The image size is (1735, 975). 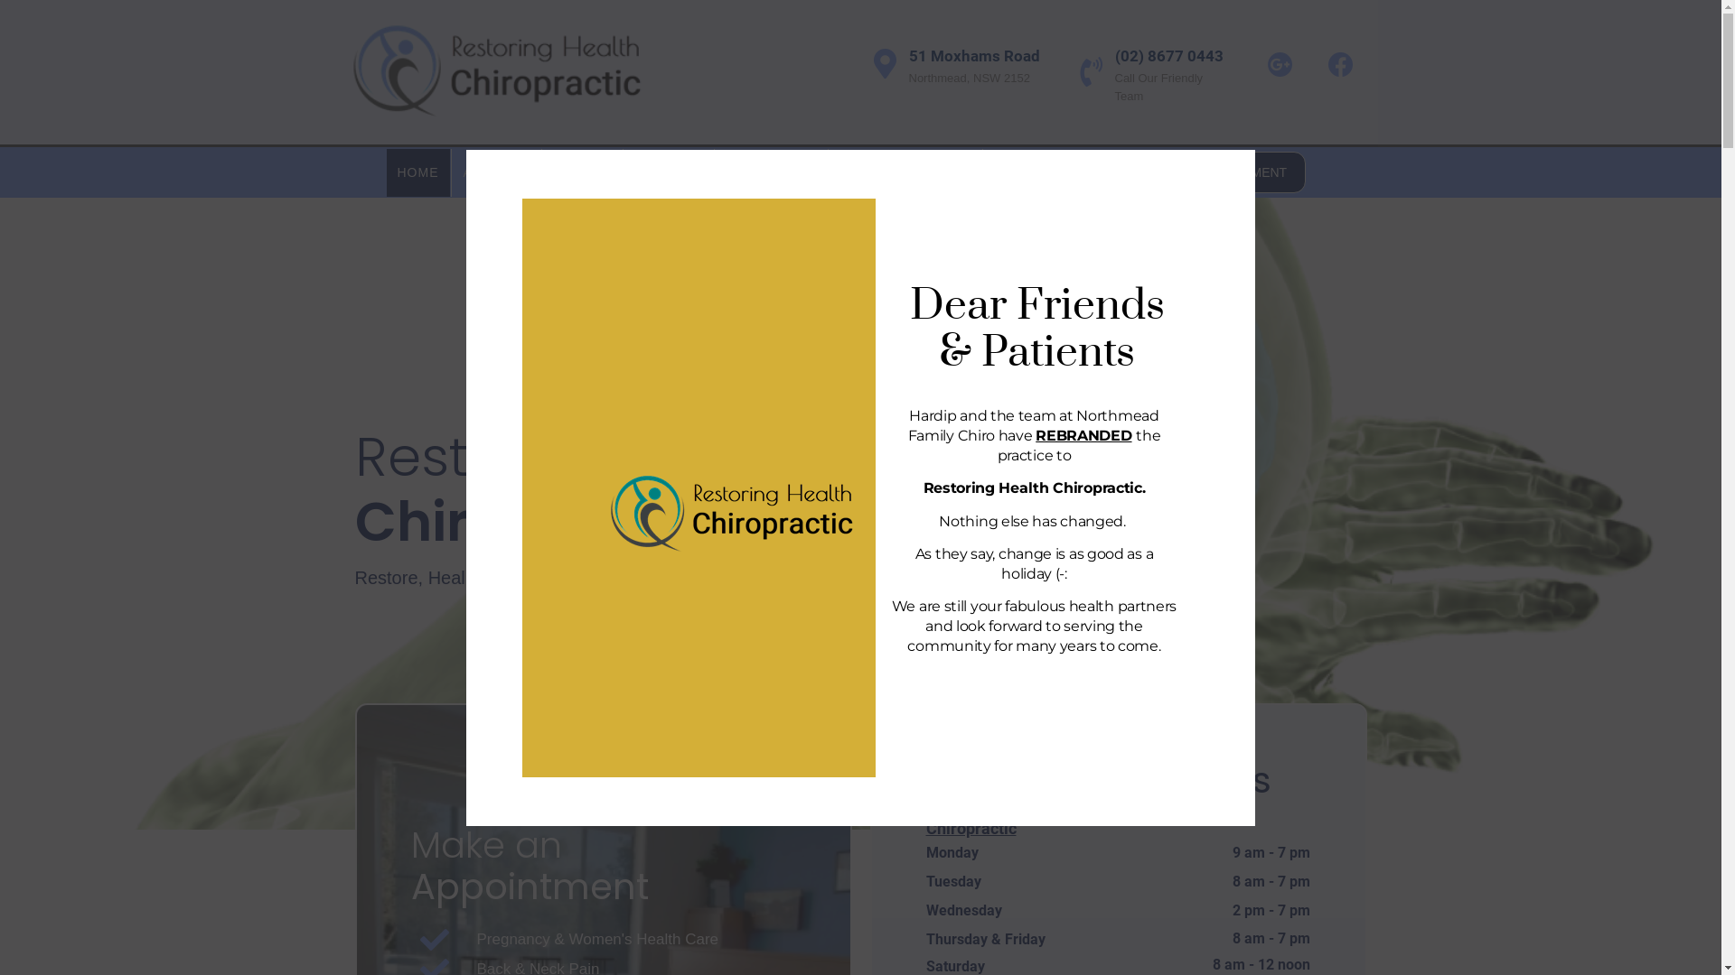 I want to click on '(02) 8677 0443', so click(x=1169, y=54).